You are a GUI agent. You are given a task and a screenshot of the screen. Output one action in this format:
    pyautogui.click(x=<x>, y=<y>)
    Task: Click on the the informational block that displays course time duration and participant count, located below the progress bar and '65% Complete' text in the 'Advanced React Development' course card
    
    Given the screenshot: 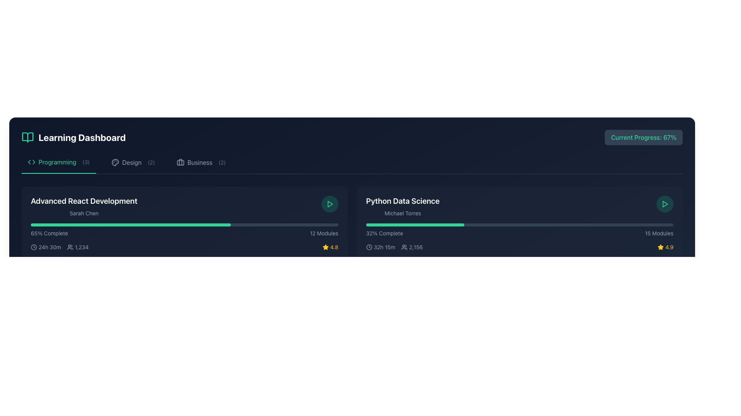 What is the action you would take?
    pyautogui.click(x=59, y=247)
    